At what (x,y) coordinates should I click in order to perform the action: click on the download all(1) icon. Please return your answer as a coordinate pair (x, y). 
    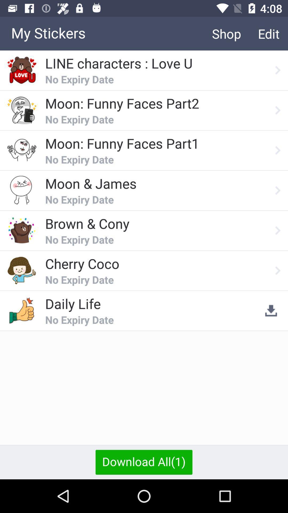
    Looking at the image, I should click on (144, 462).